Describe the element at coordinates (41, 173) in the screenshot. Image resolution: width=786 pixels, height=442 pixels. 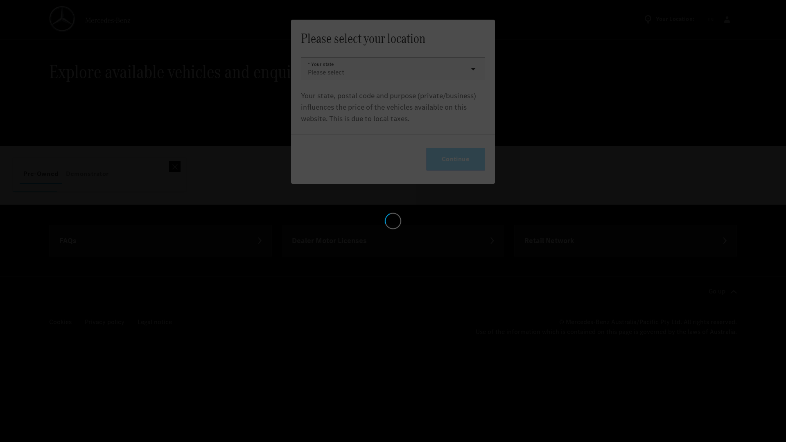
I see `'Pre-Owned'` at that location.